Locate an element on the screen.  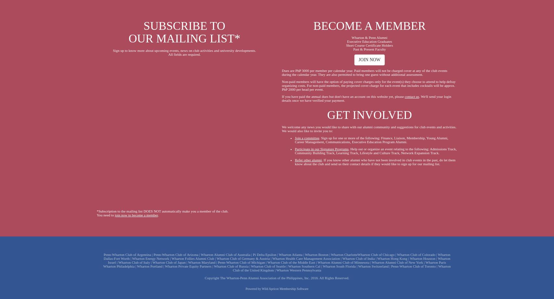
'Wharton Club of the Middle East' is located at coordinates (291, 262).